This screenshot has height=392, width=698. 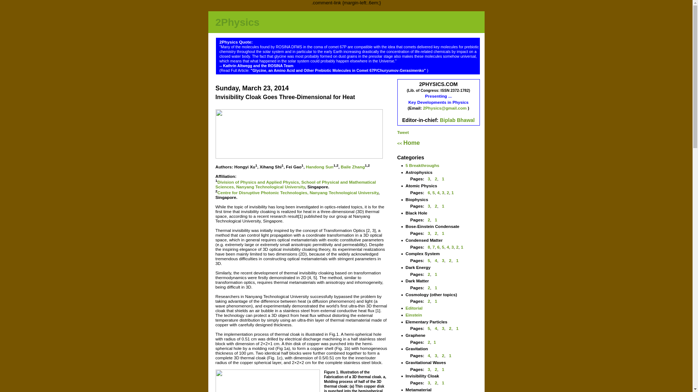 What do you see at coordinates (448, 192) in the screenshot?
I see `'2'` at bounding box center [448, 192].